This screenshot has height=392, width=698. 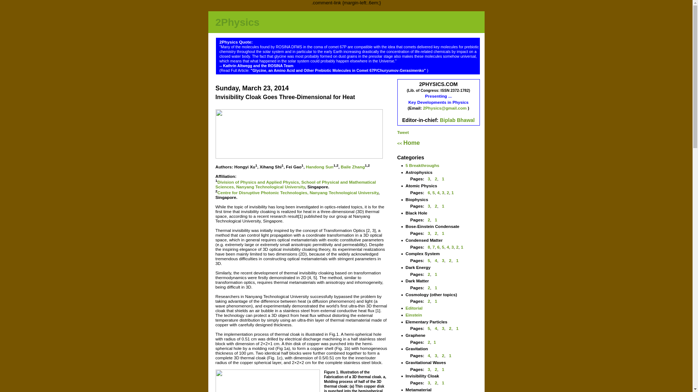 What do you see at coordinates (448, 192) in the screenshot?
I see `'2'` at bounding box center [448, 192].